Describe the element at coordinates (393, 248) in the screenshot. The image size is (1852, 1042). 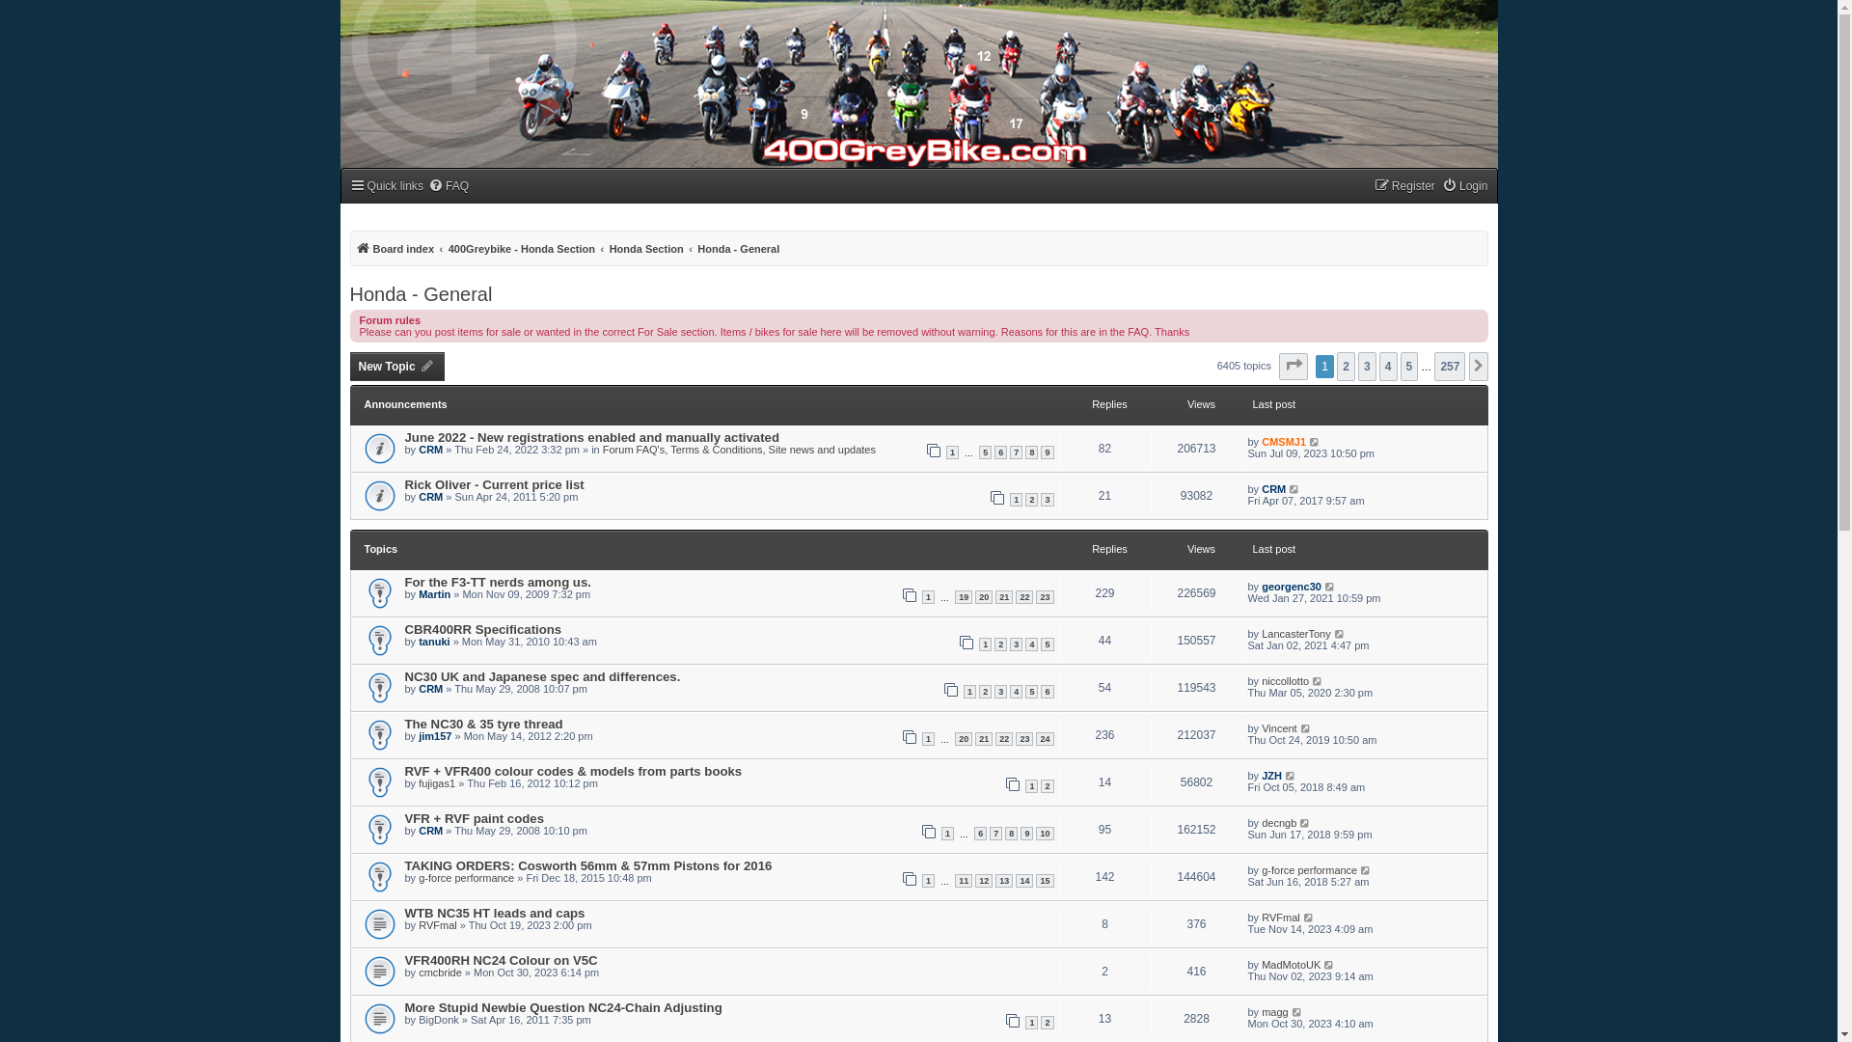
I see `'Board index'` at that location.